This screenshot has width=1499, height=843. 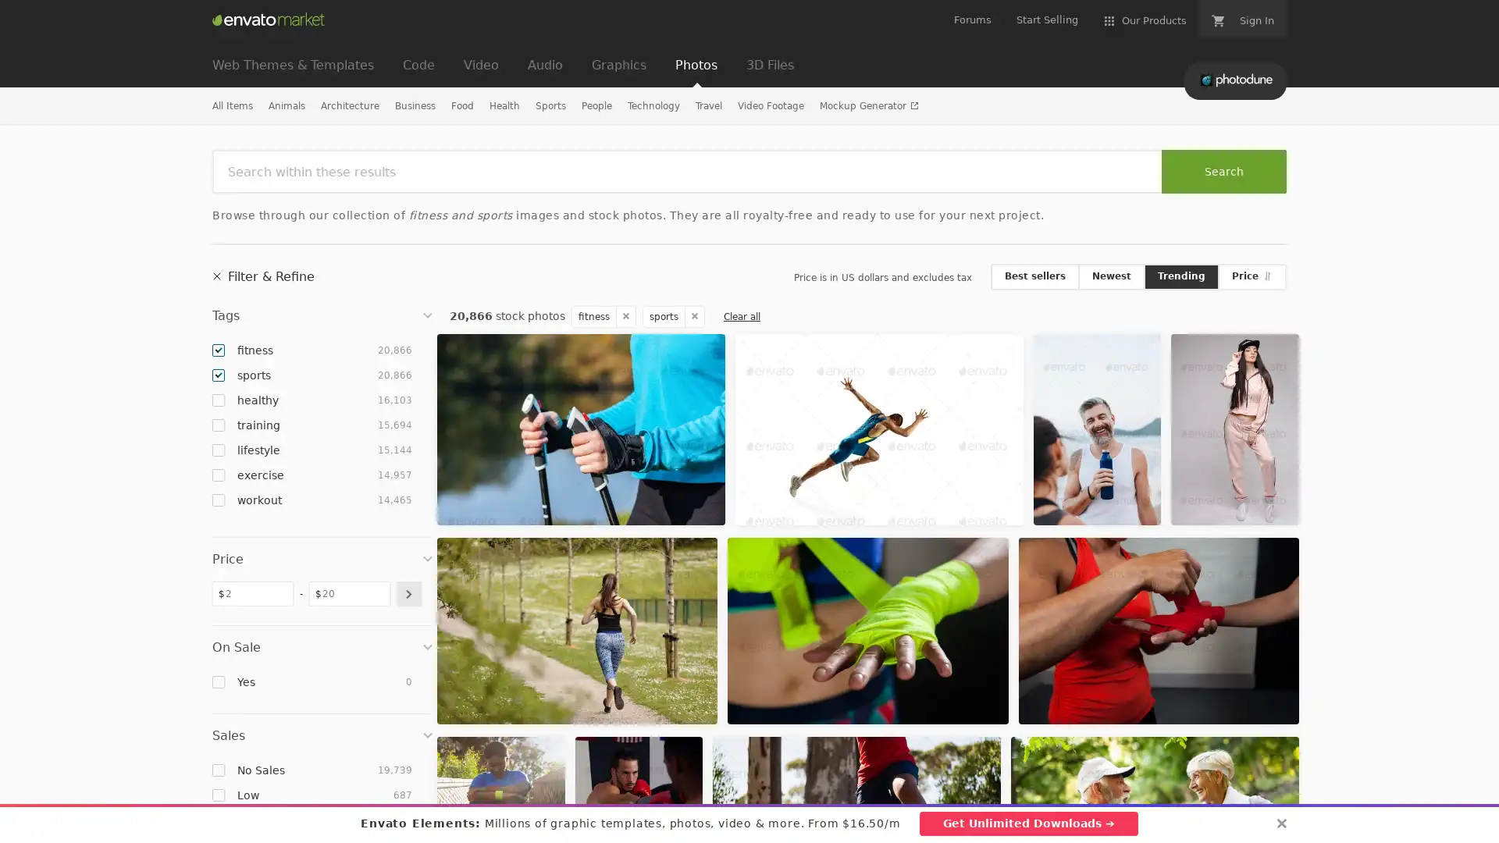 I want to click on Add to Favorites, so click(x=980, y=756).